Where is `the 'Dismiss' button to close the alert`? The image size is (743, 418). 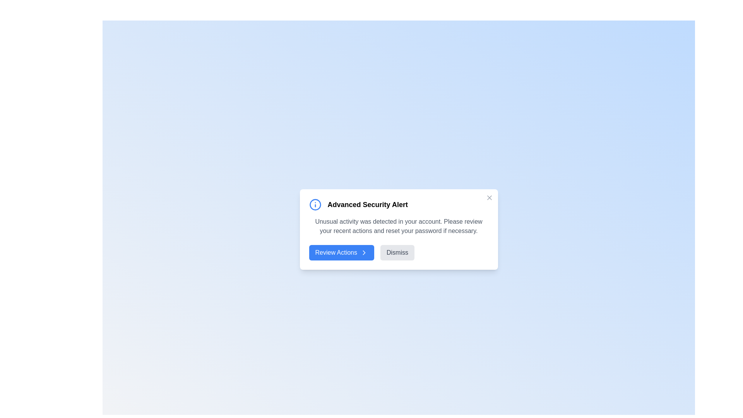
the 'Dismiss' button to close the alert is located at coordinates (397, 252).